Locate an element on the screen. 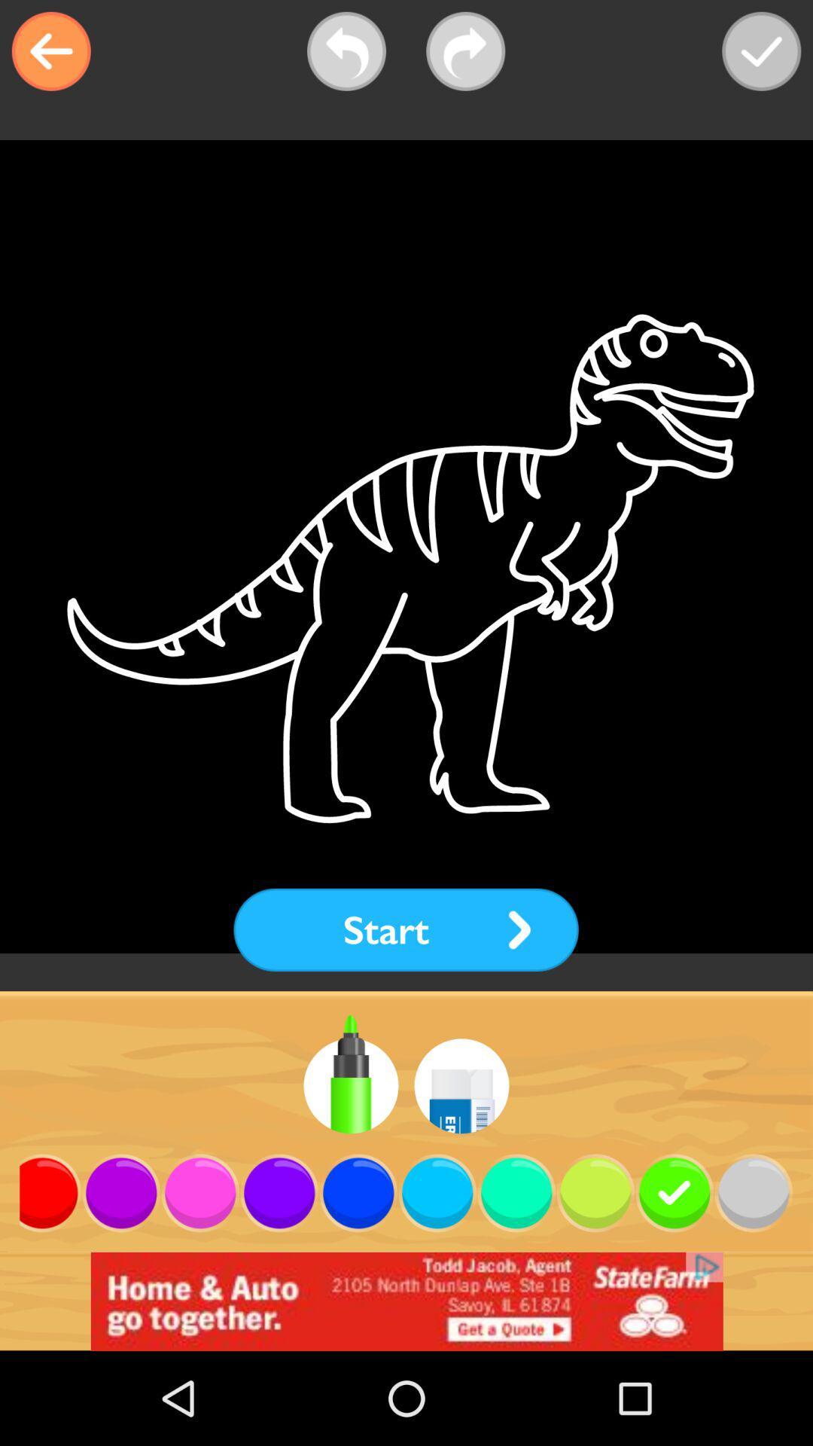 This screenshot has width=813, height=1446. the arrow_backward icon is located at coordinates (50, 51).